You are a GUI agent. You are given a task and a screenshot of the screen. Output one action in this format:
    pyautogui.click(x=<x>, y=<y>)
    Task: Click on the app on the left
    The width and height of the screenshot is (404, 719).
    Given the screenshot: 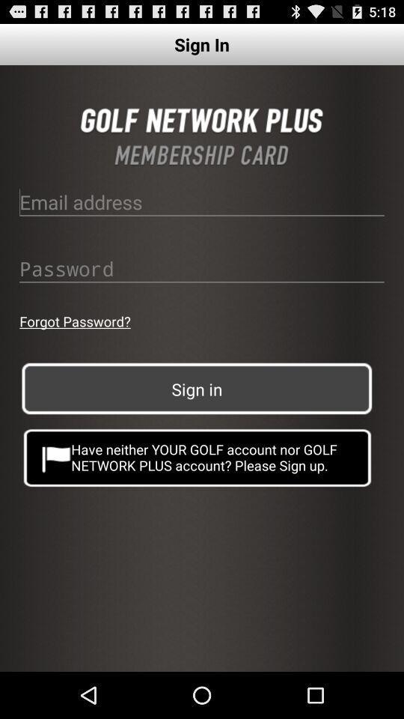 What is the action you would take?
    pyautogui.click(x=74, y=321)
    